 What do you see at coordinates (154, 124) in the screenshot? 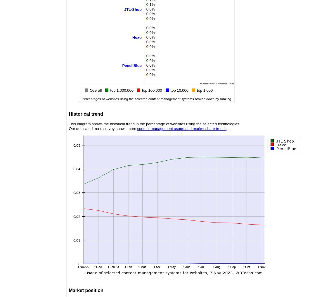
I see `'This diagram shows the historical trend in the percentage of websites using the selected technologies.'` at bounding box center [154, 124].